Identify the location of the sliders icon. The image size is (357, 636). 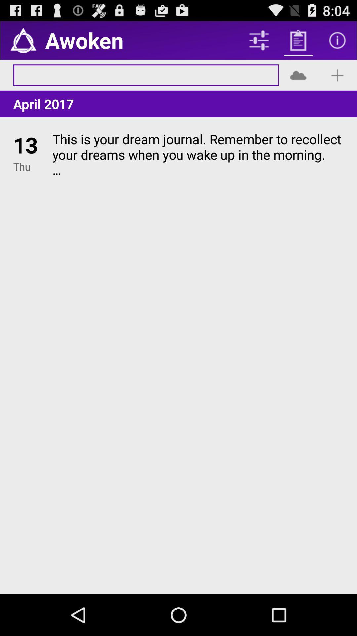
(258, 43).